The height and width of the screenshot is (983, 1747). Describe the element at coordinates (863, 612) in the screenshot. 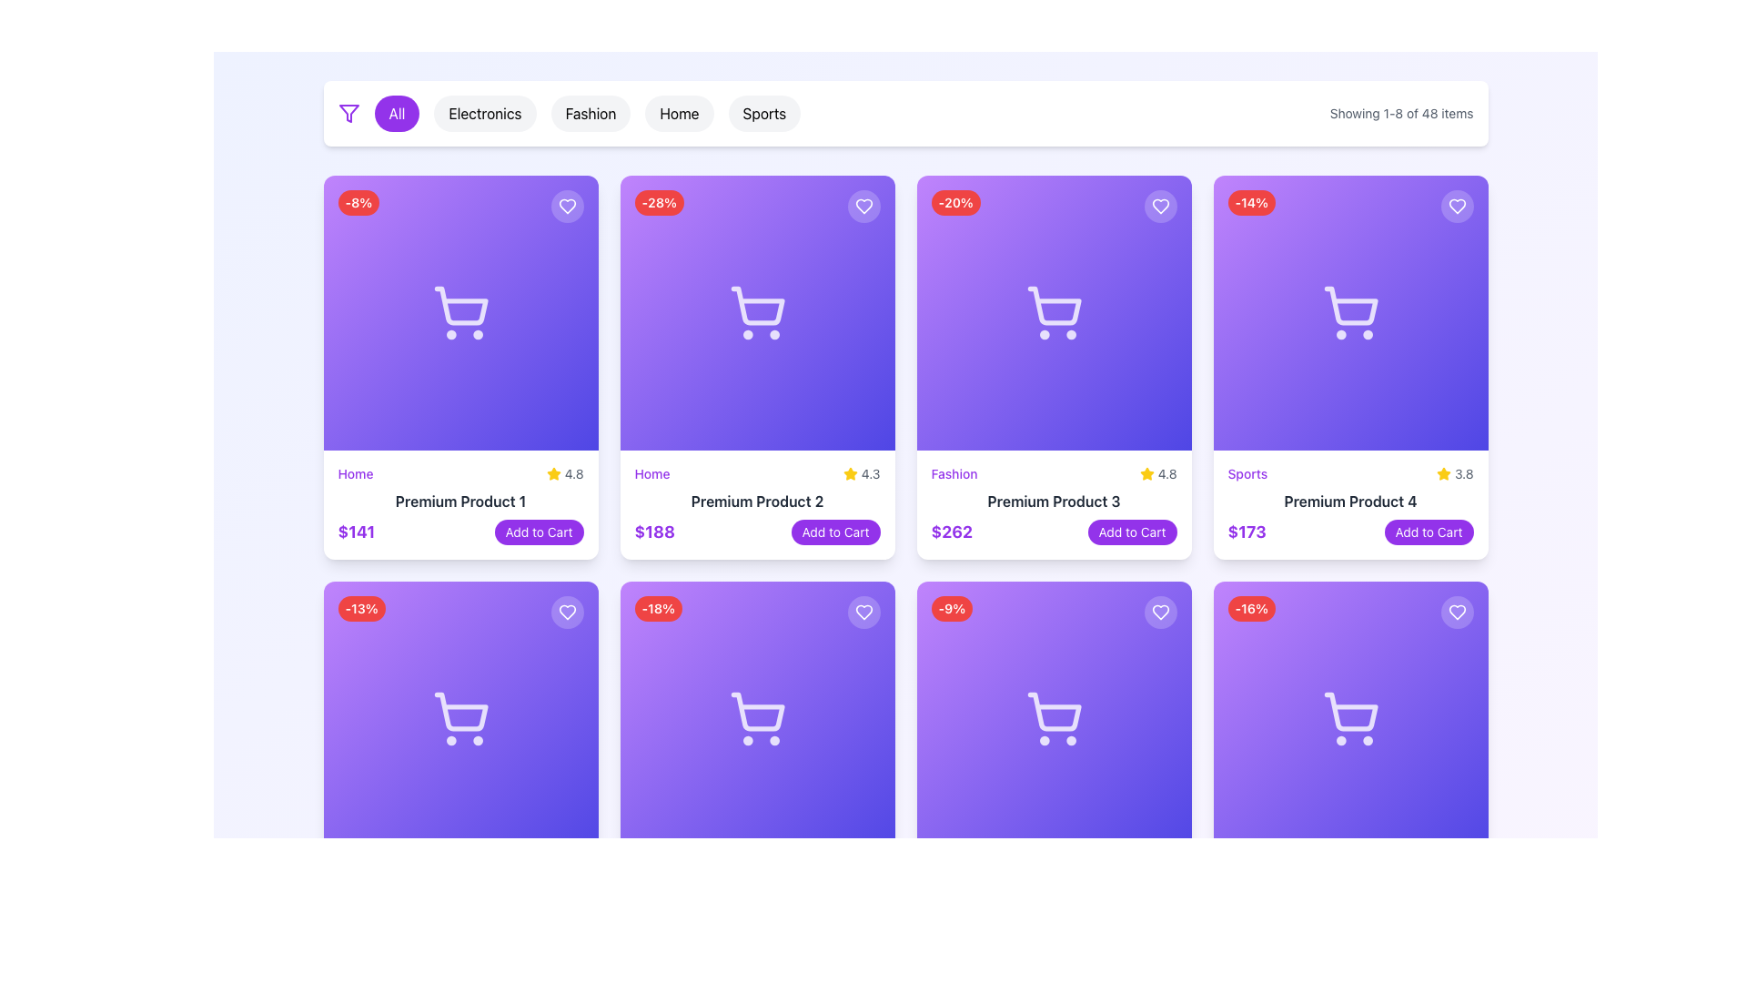

I see `the heart-shaped icon button located in the top-right corner of the card component with a shopping cart icon and a discount label ('-18%')` at that location.